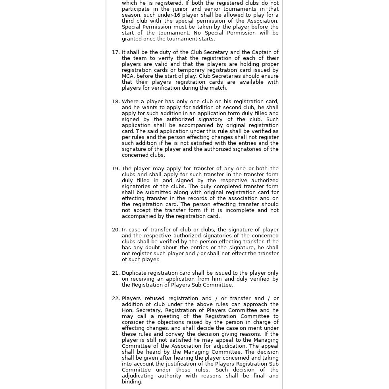 The image size is (389, 389). I want to click on 'Players refused registration and / or transfer and / or addition of club under the above rules can approach the Hon. Secretary, Registration of Players Committee and he may call a meeting of the Registration Committee to consider the objections raised by the person in charge of effecting changes, and shall decide the case on merit under these rules and convey the decision giving reasons. If the player is still not satisfied he may appeal to the Managing Committee of the Association for adjudication. The appeal shall be heard by the Managing Committee. The decision shall be given after hearing the player concerned and taking into account the justification of the Players Registration Sub Committee under these rules. Such decision of the adjudicating authority with reasons shall be final and binding.', so click(200, 340).